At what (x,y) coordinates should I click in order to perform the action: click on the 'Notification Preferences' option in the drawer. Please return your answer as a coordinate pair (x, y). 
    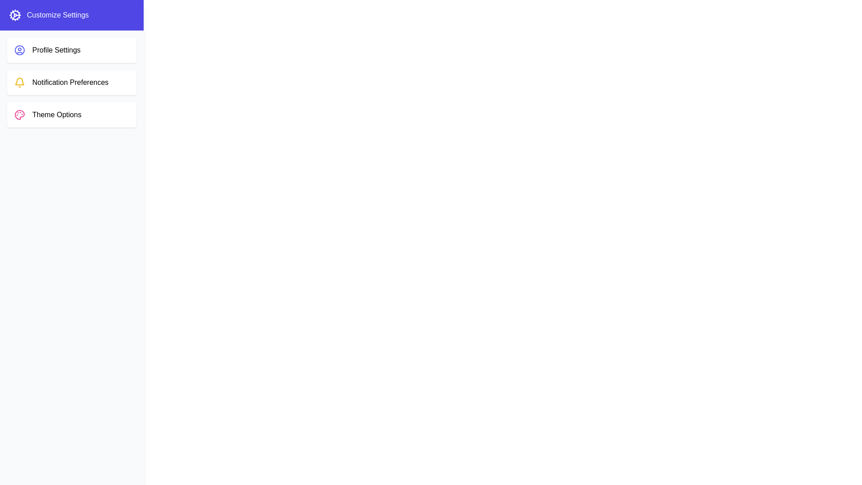
    Looking at the image, I should click on (71, 83).